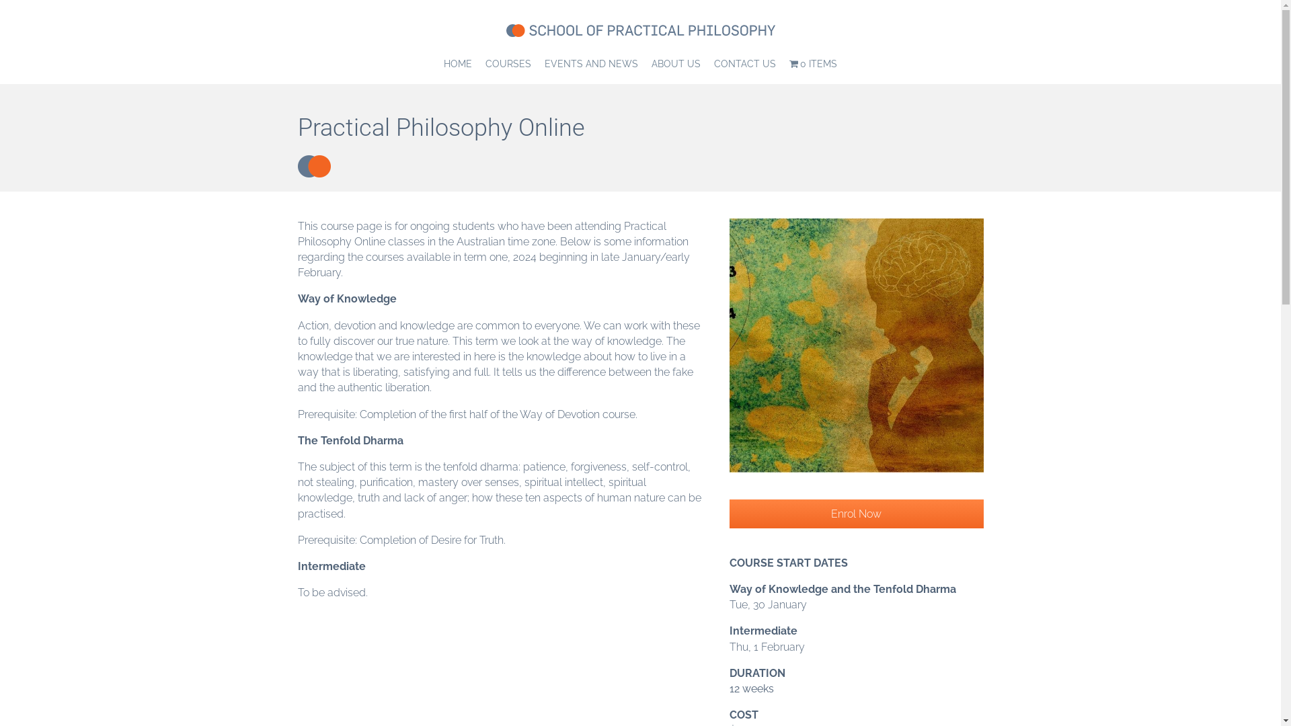 The height and width of the screenshot is (726, 1291). Describe the element at coordinates (855, 344) in the screenshot. I see `'Philosophy online'` at that location.